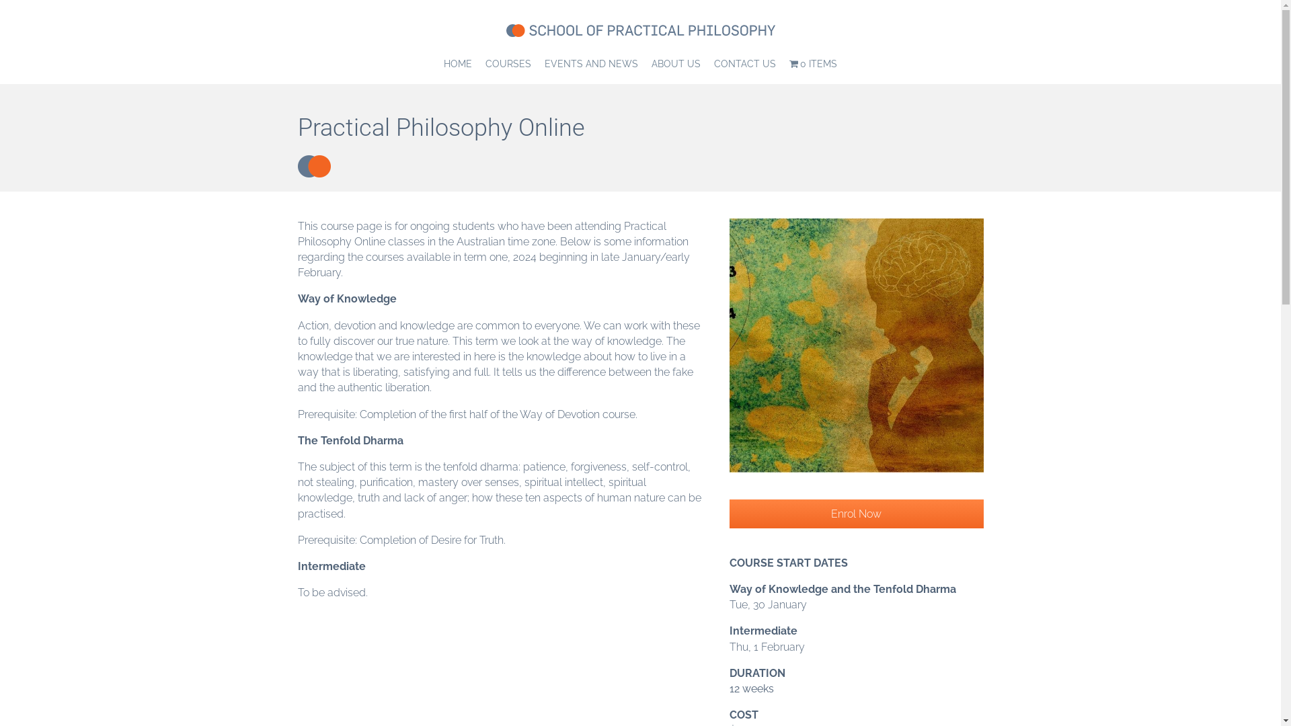 The height and width of the screenshot is (726, 1291). Describe the element at coordinates (855, 344) in the screenshot. I see `'Philosophy online'` at that location.